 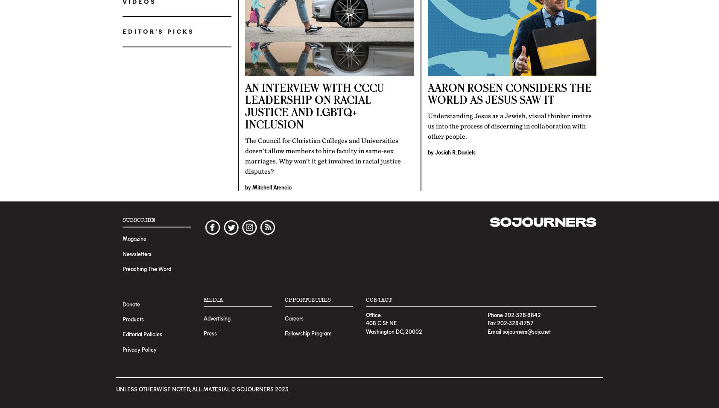 What do you see at coordinates (137, 253) in the screenshot?
I see `'Newsletters'` at bounding box center [137, 253].